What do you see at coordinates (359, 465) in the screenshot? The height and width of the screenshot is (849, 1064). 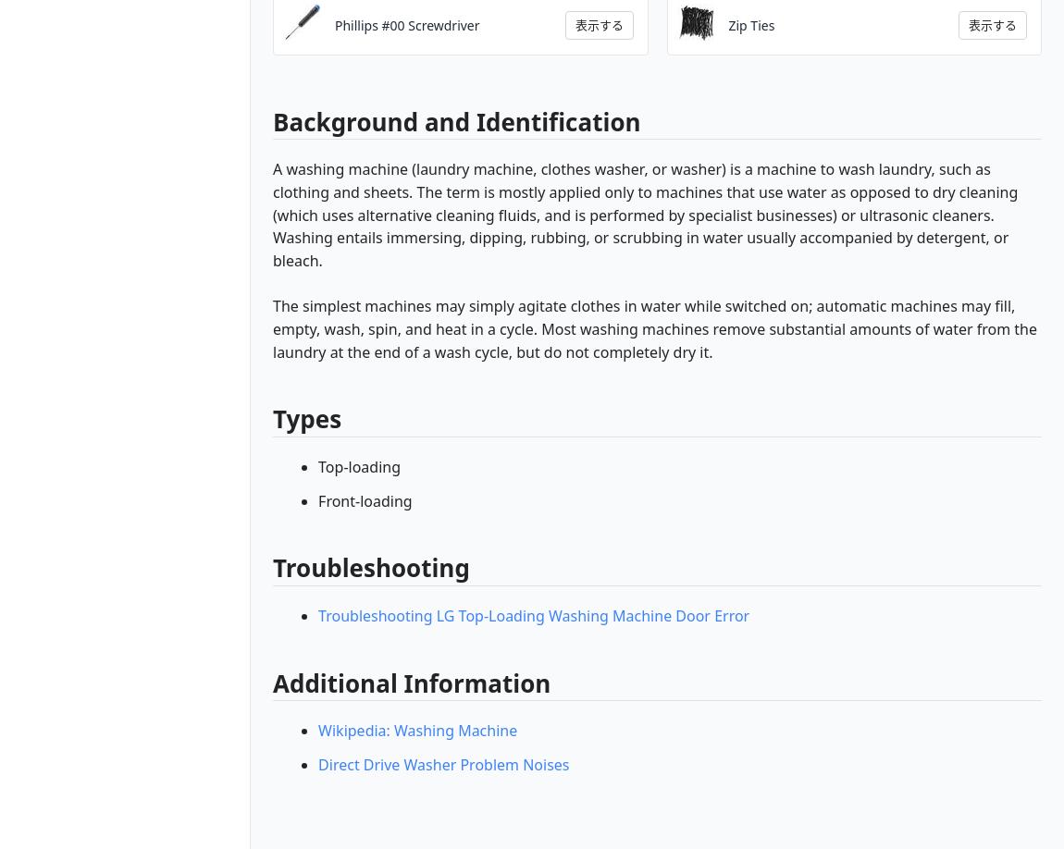 I see `'Top-loading'` at bounding box center [359, 465].